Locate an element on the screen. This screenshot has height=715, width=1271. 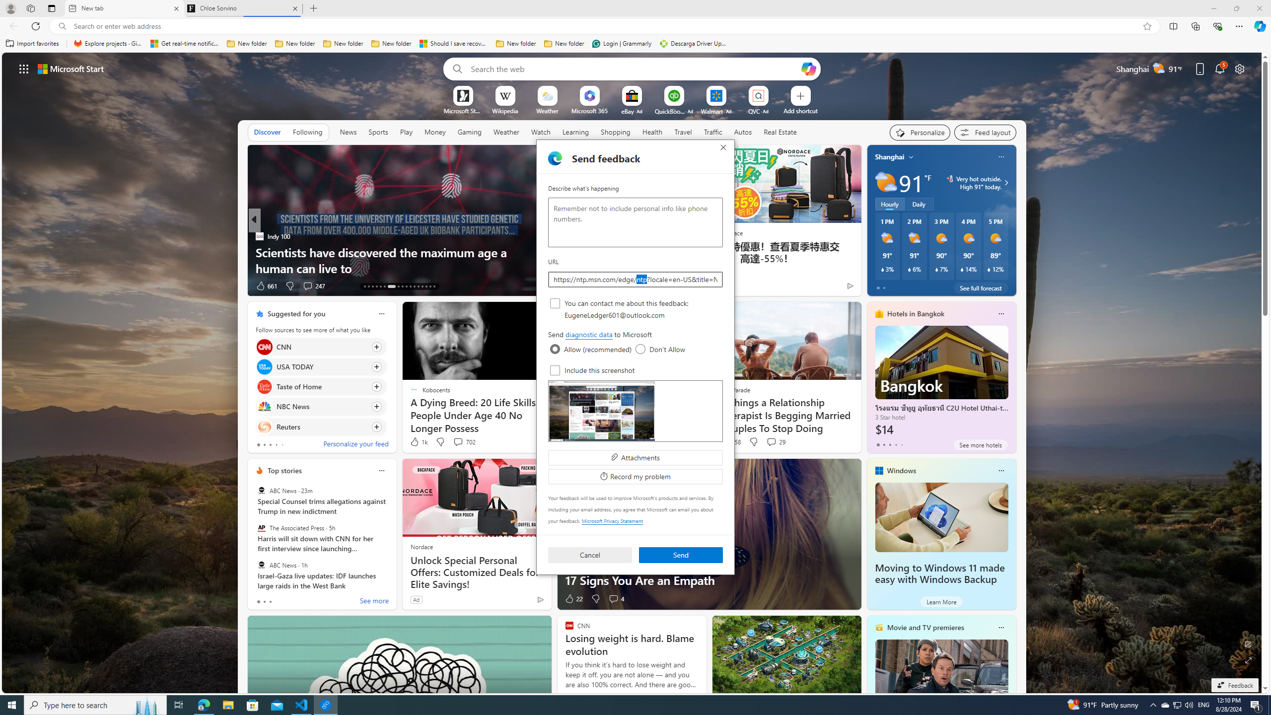
'AutomationID: tab-18' is located at coordinates (384, 286).